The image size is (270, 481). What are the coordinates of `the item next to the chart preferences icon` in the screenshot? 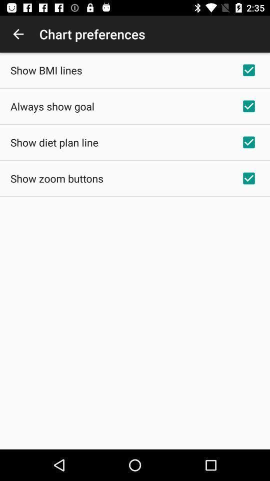 It's located at (18, 34).